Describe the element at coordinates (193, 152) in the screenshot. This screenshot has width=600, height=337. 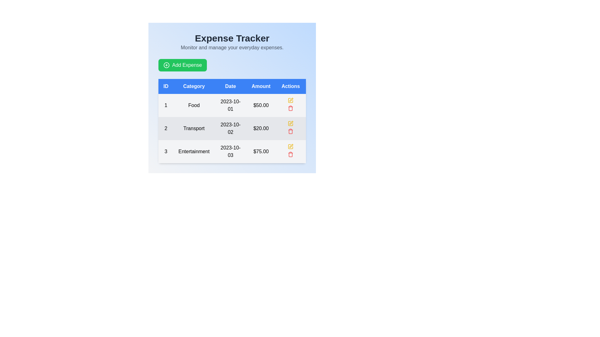
I see `the label or text display located in the third row of the table under the 'Category' column` at that location.